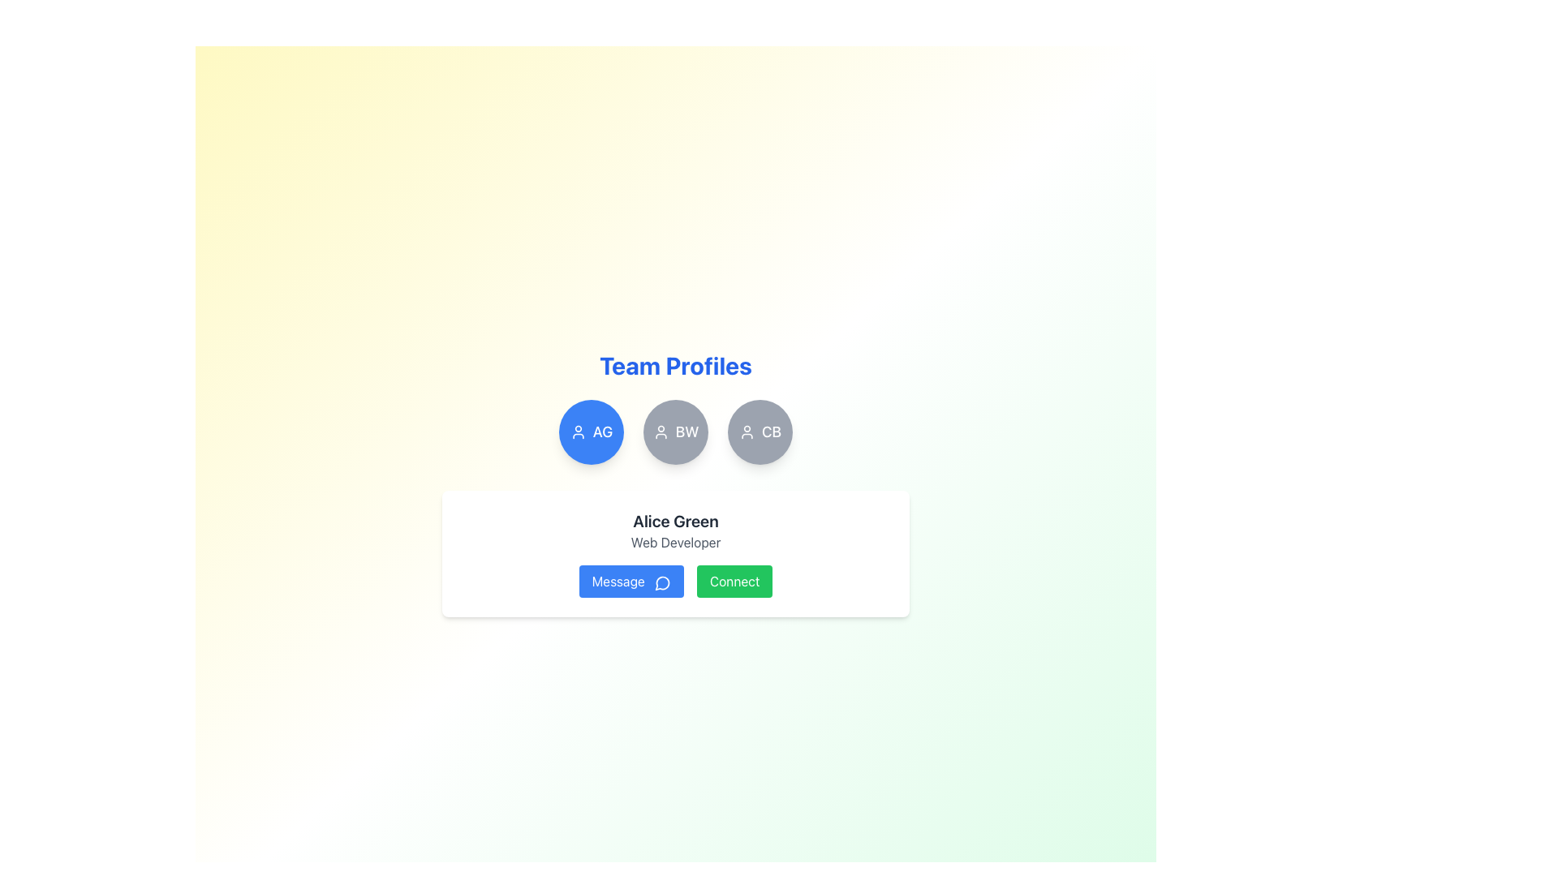  What do you see at coordinates (676, 431) in the screenshot?
I see `the circular button labeled 'BW' with a gray background and user profile icon, which is the middle button in the row below 'Team Profiles'` at bounding box center [676, 431].